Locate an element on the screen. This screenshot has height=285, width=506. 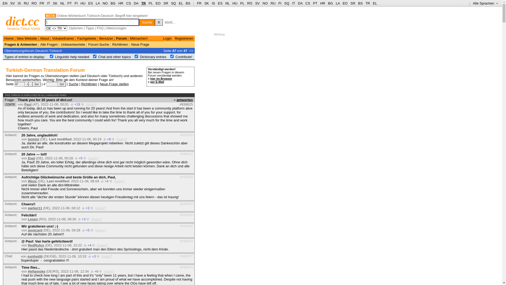
'FR' is located at coordinates (199, 3).